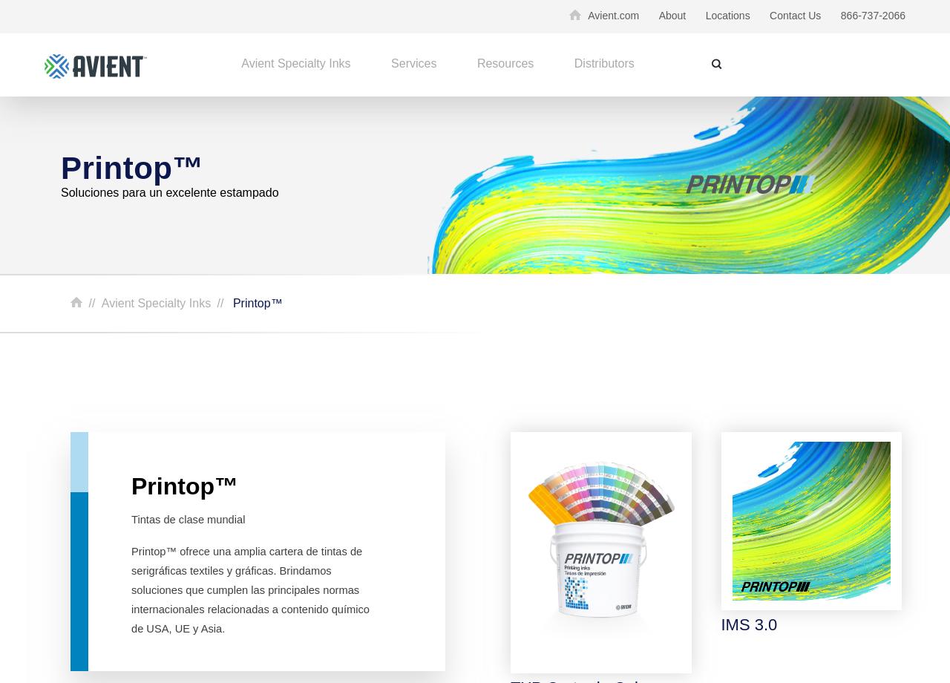 This screenshot has height=683, width=950. I want to click on 'About', so click(671, 15).